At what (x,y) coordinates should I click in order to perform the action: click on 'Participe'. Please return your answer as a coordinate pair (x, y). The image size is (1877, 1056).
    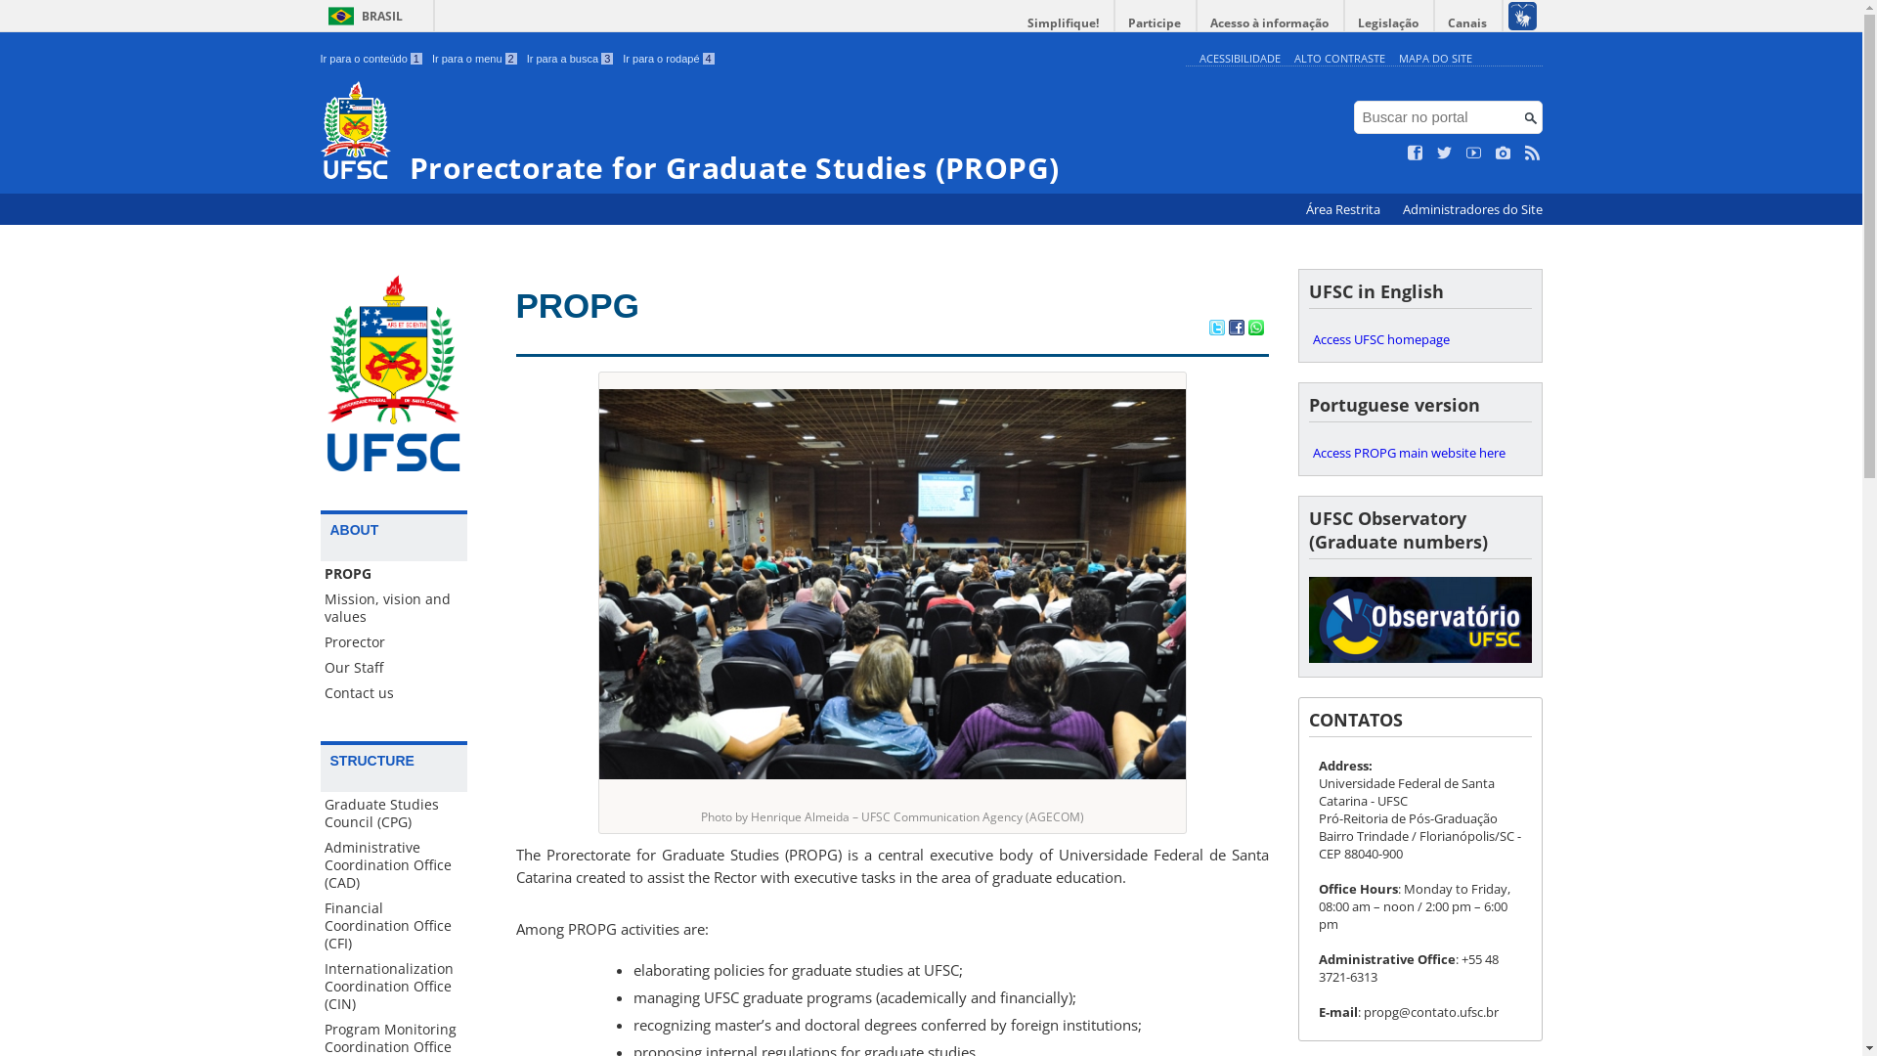
    Looking at the image, I should click on (1114, 22).